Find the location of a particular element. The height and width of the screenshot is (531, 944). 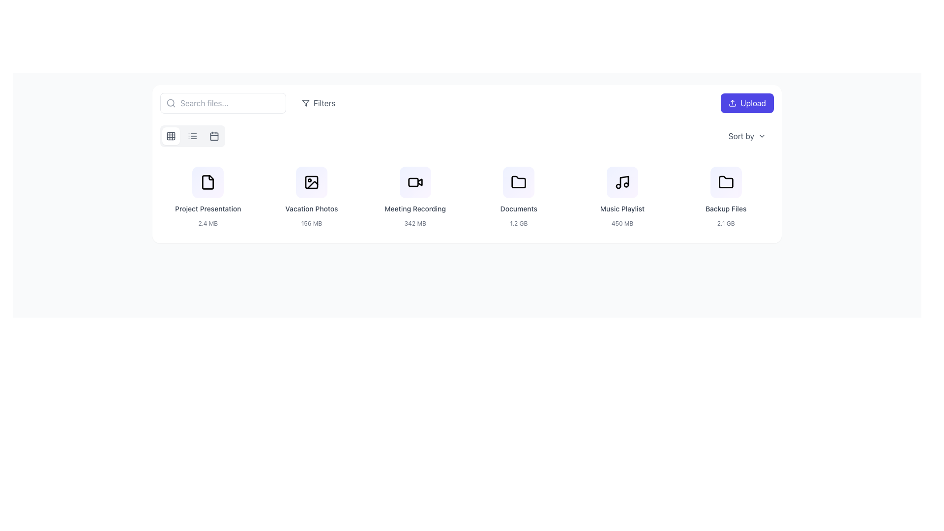

the Informational card displaying 'Vacation Photos' with size '156 MB', which is the second card in the grid layout is located at coordinates (311, 197).